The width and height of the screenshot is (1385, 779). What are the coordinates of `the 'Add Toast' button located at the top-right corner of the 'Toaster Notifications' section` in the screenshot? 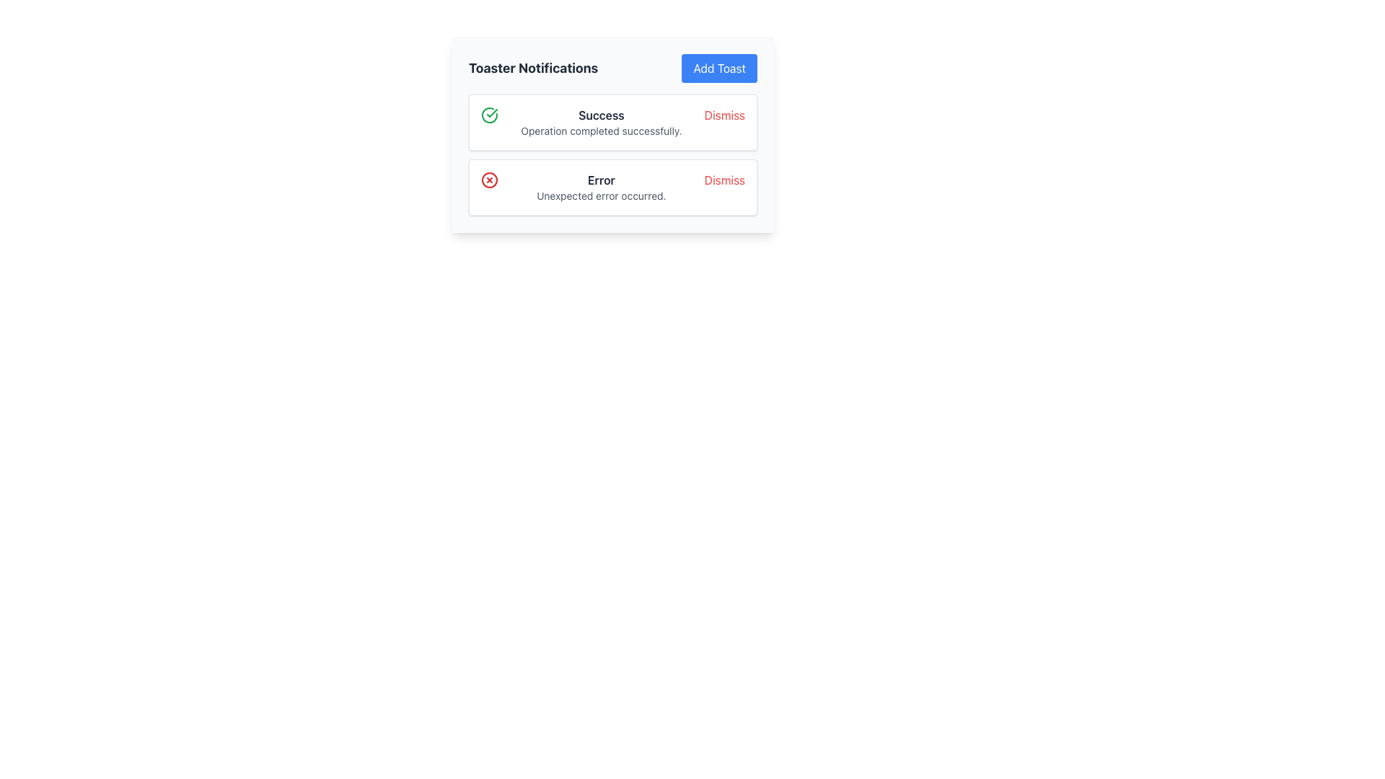 It's located at (719, 69).